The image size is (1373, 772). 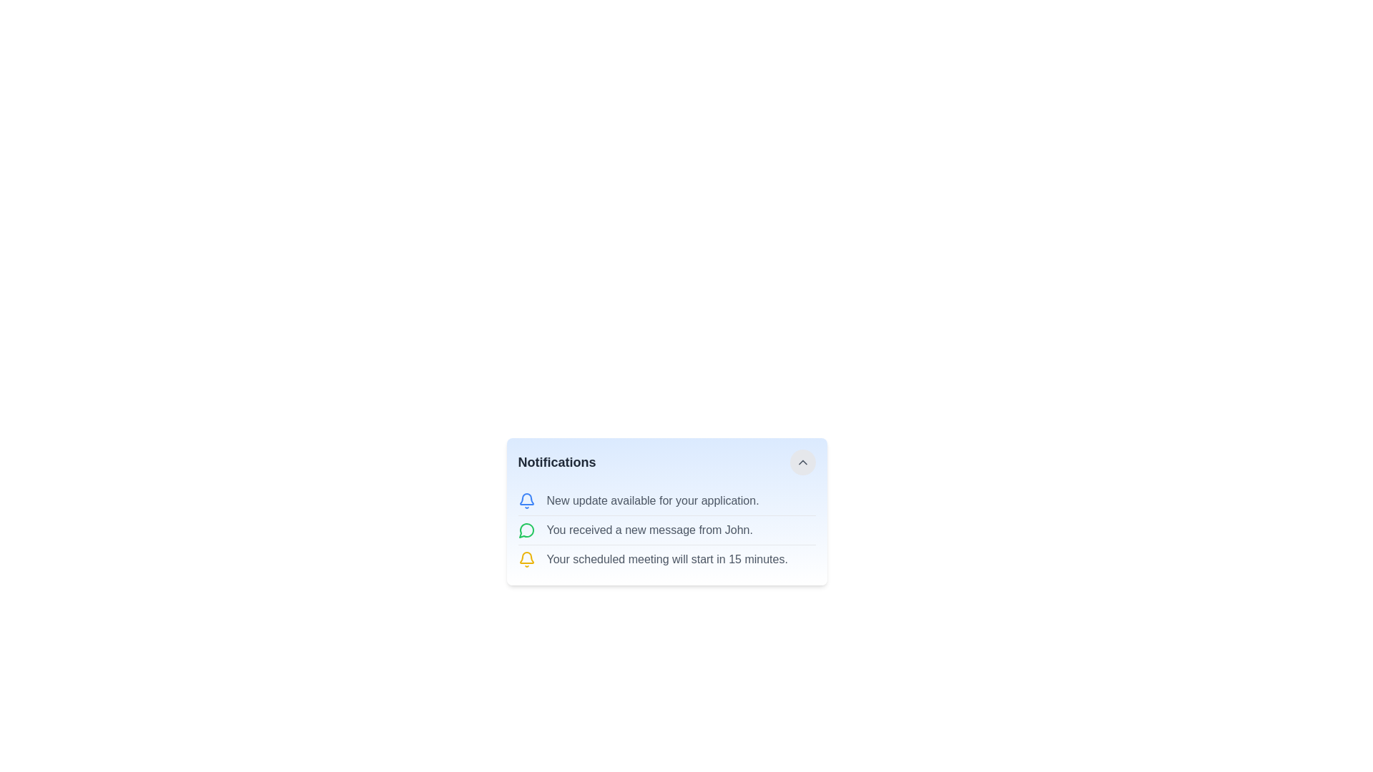 I want to click on the yellow bell-shaped icon located at the top left of the notification item, so click(x=526, y=557).